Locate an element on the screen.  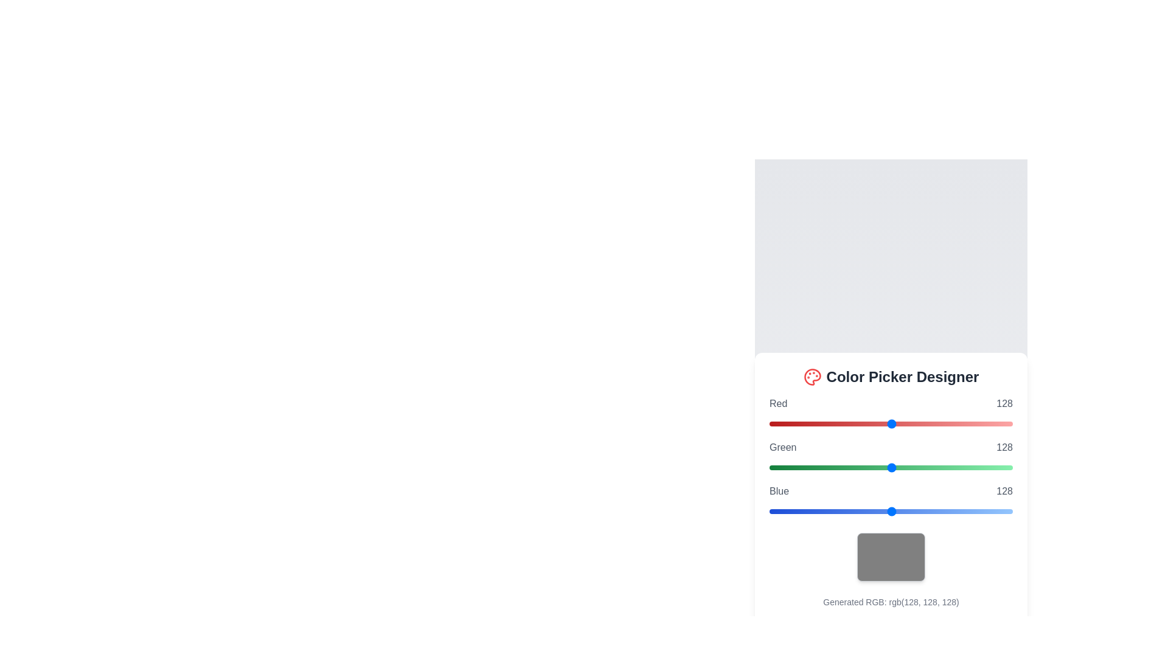
the green slider to set its value to 175 is located at coordinates (936, 467).